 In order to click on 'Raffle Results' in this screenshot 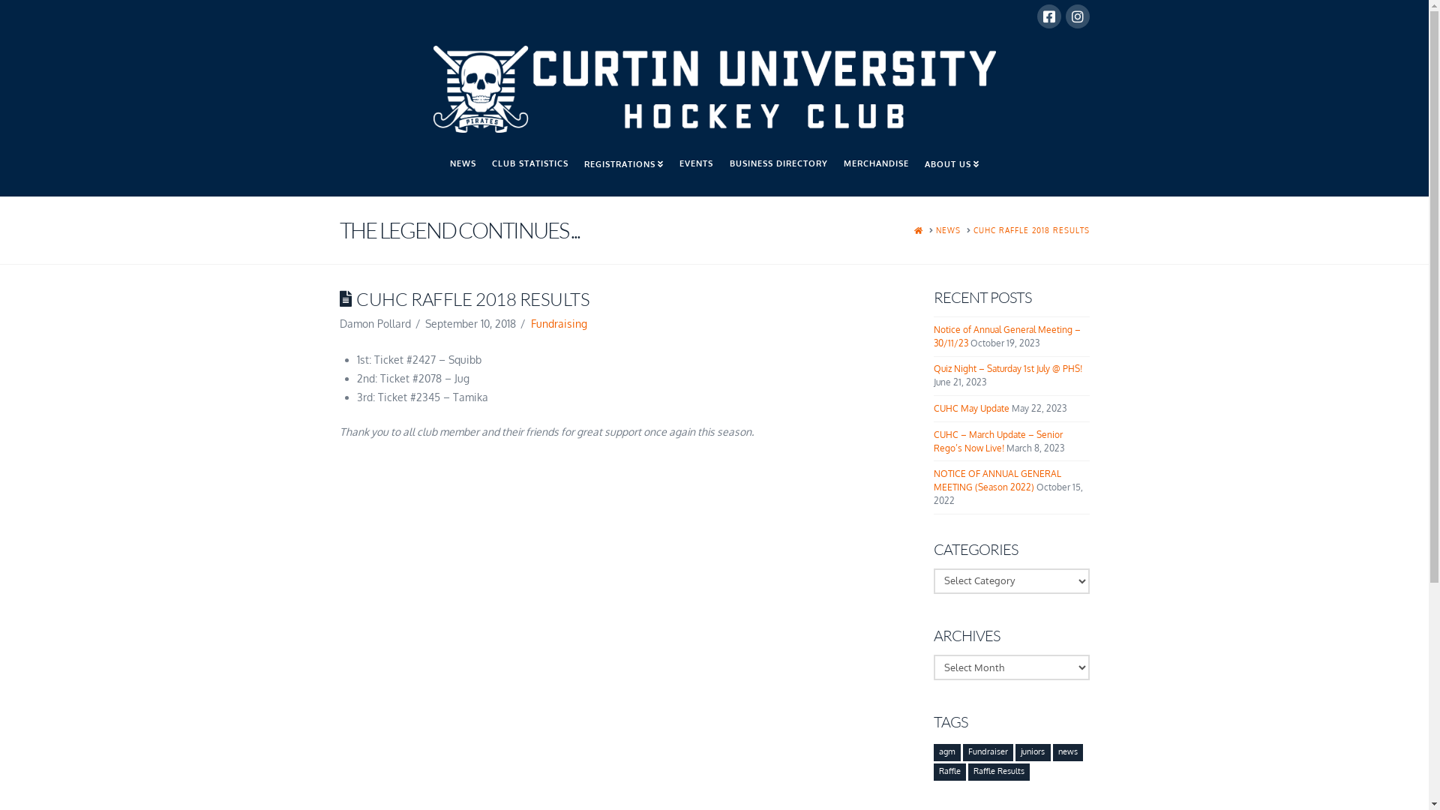, I will do `click(968, 772)`.